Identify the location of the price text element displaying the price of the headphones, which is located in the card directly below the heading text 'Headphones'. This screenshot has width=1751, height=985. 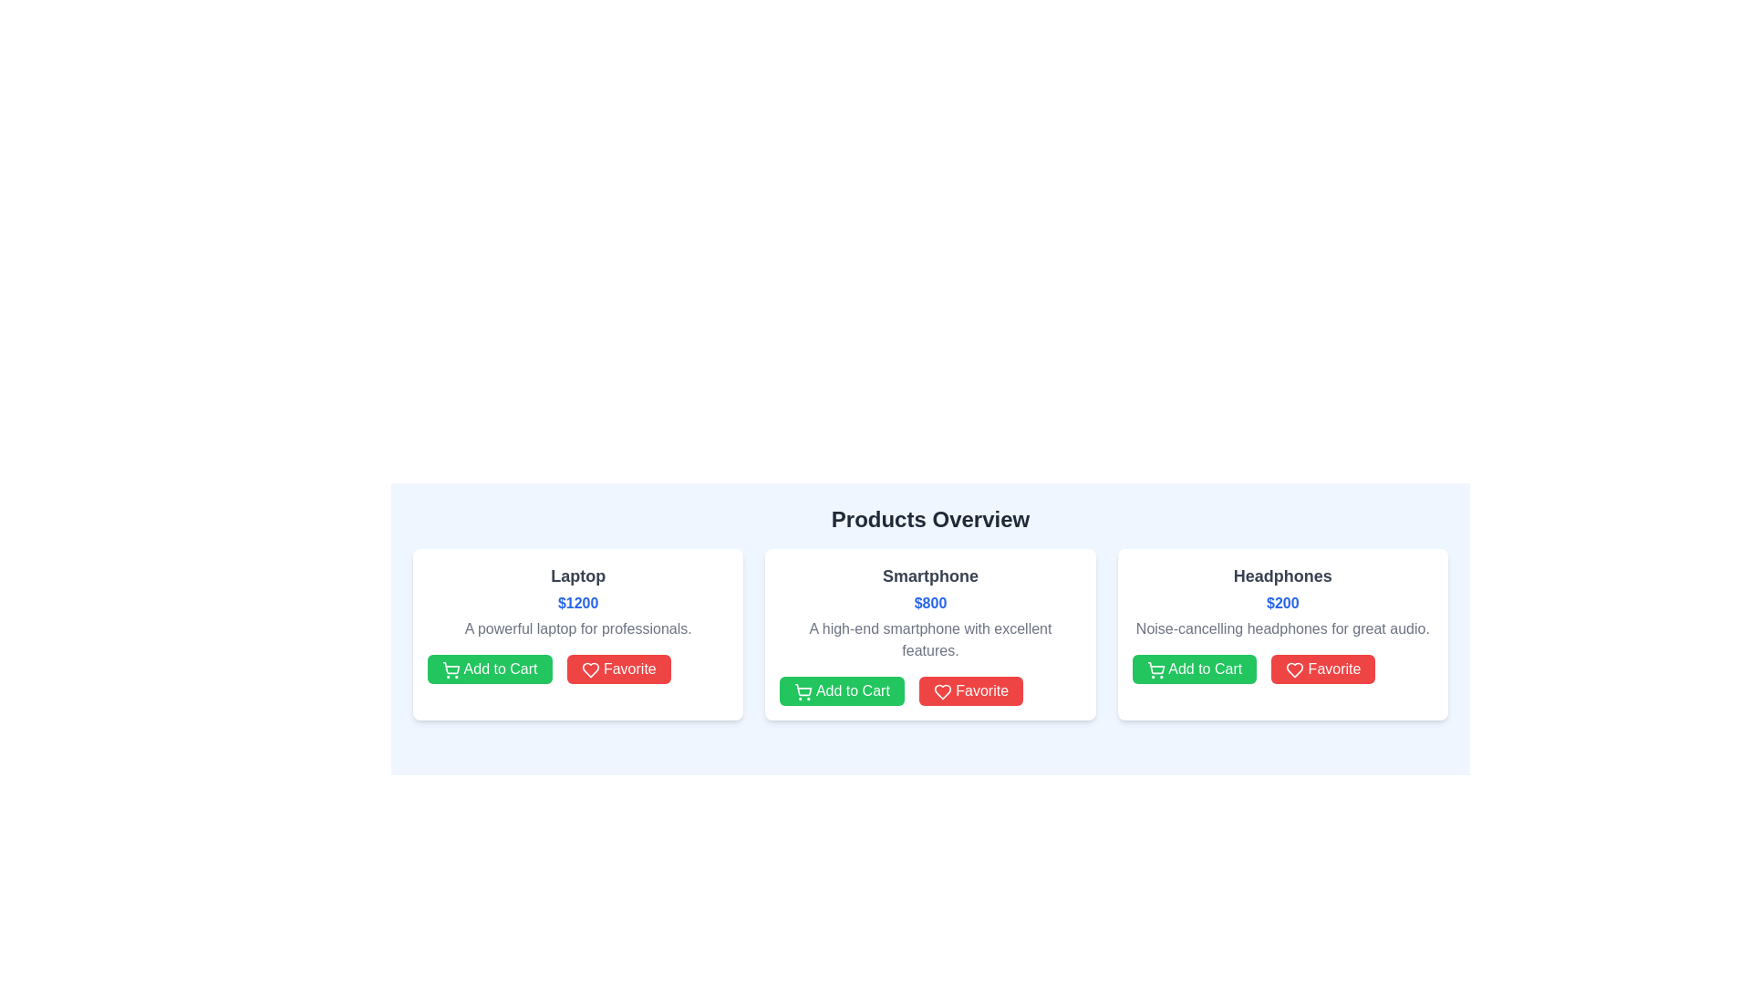
(1281, 604).